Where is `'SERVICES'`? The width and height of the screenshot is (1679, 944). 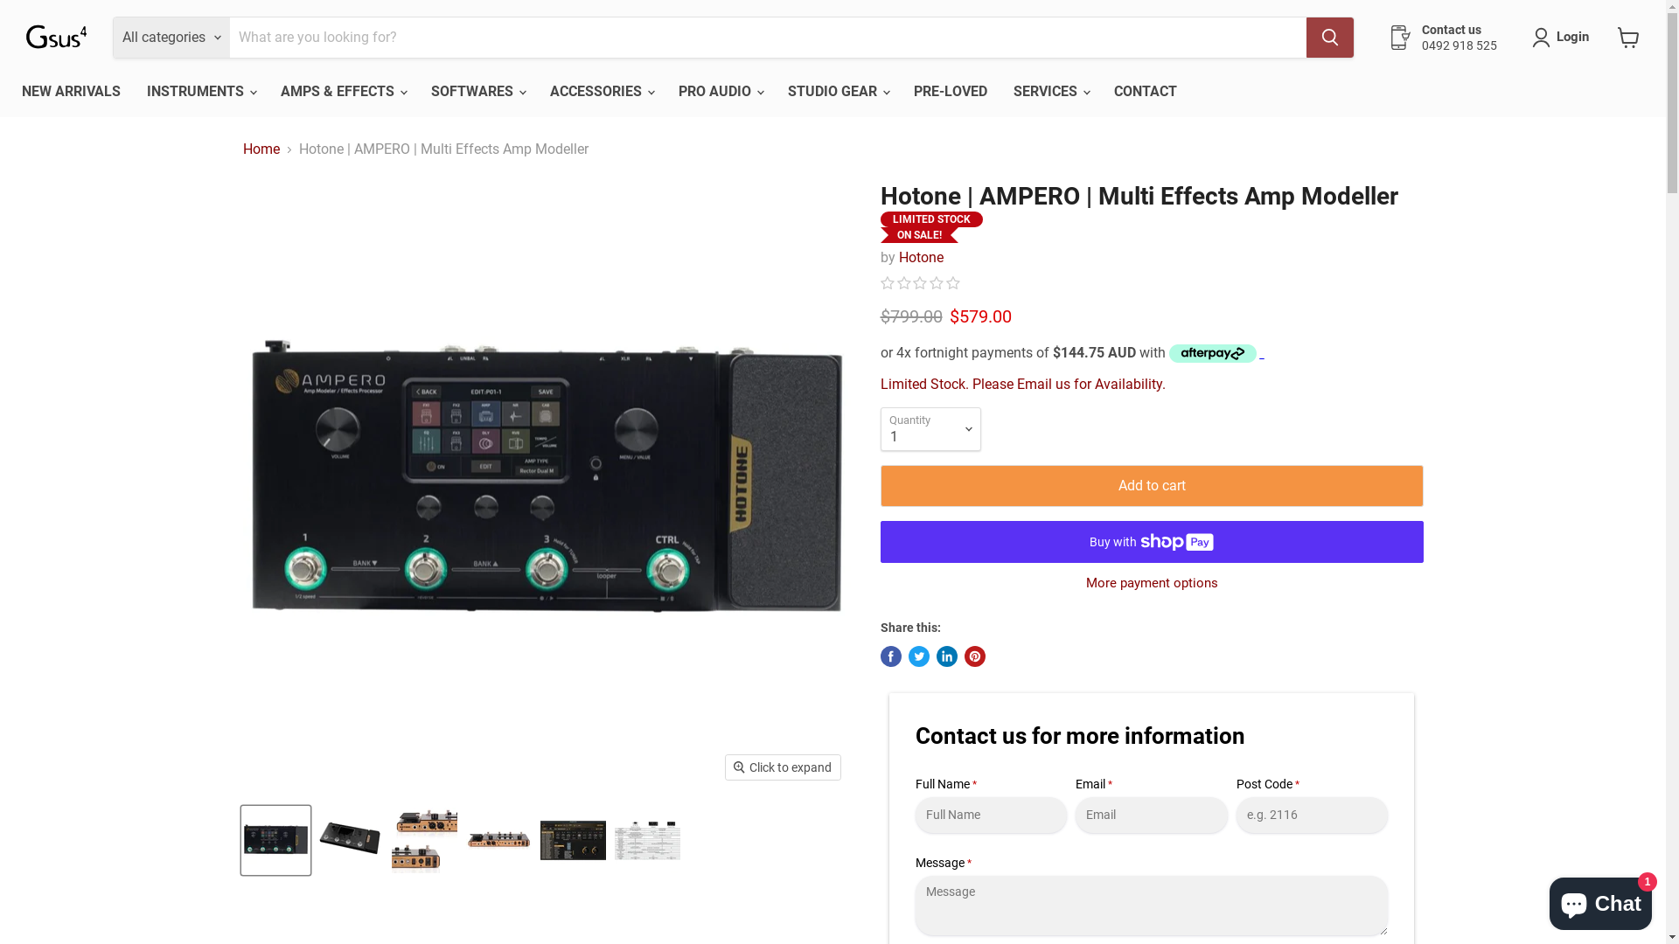
'SERVICES' is located at coordinates (1049, 91).